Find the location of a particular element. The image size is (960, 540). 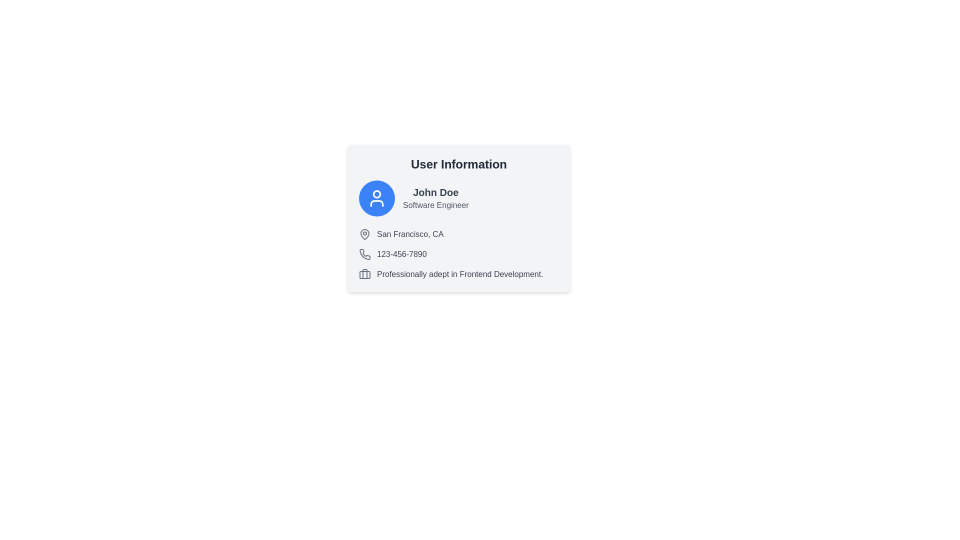

the location marker icon representing 'San Francisco, CA', which is positioned to the left of the text and above the phone number information is located at coordinates (364, 234).